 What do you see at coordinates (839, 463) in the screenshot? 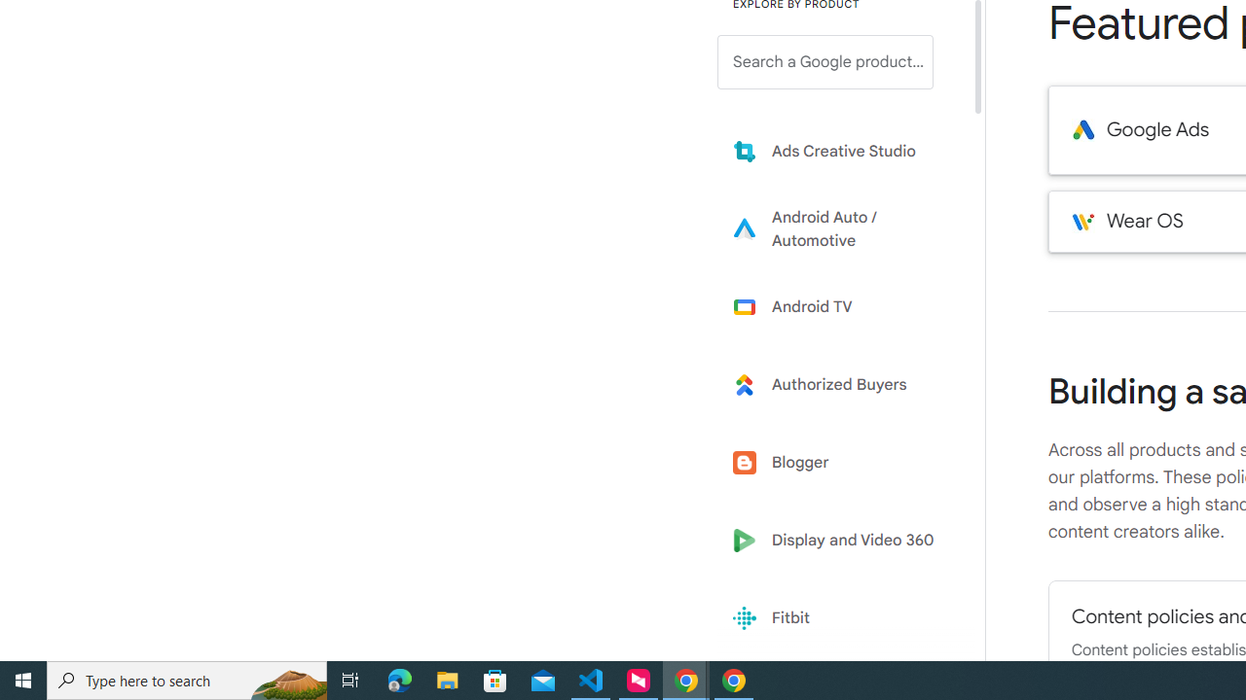
I see `'Blogger'` at bounding box center [839, 463].